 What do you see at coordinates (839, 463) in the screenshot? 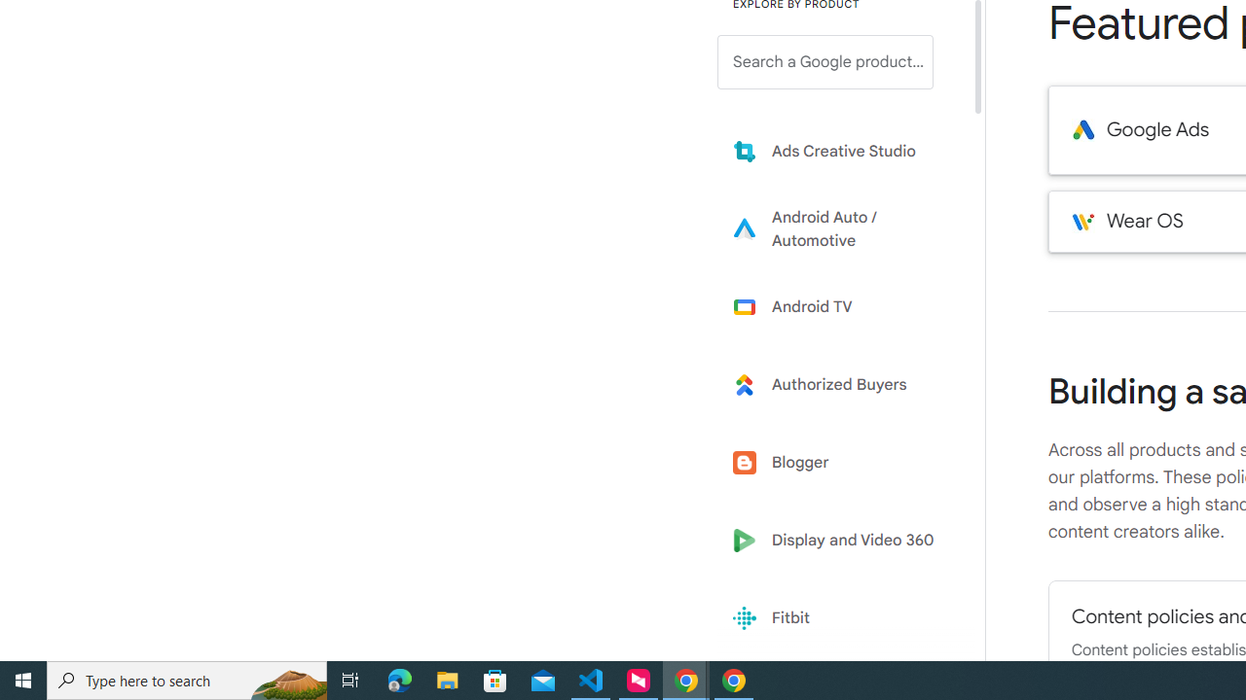
I see `'Blogger'` at bounding box center [839, 463].